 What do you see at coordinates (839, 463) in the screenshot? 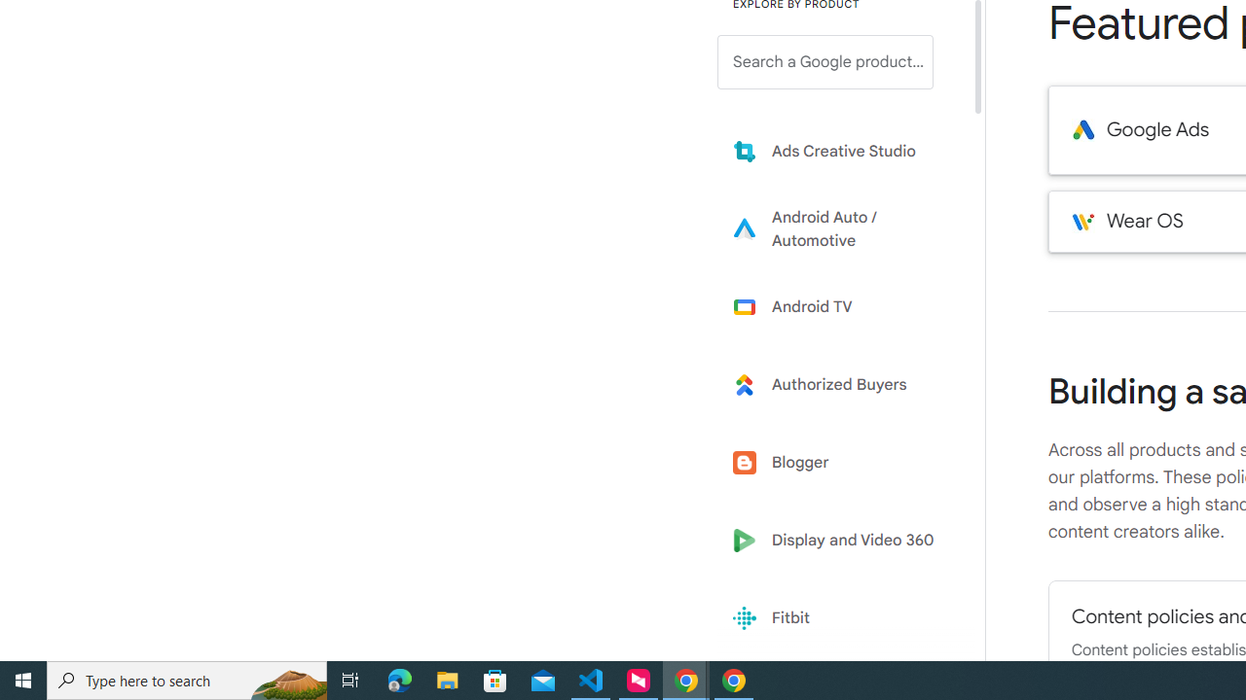
I see `'Blogger'` at bounding box center [839, 463].